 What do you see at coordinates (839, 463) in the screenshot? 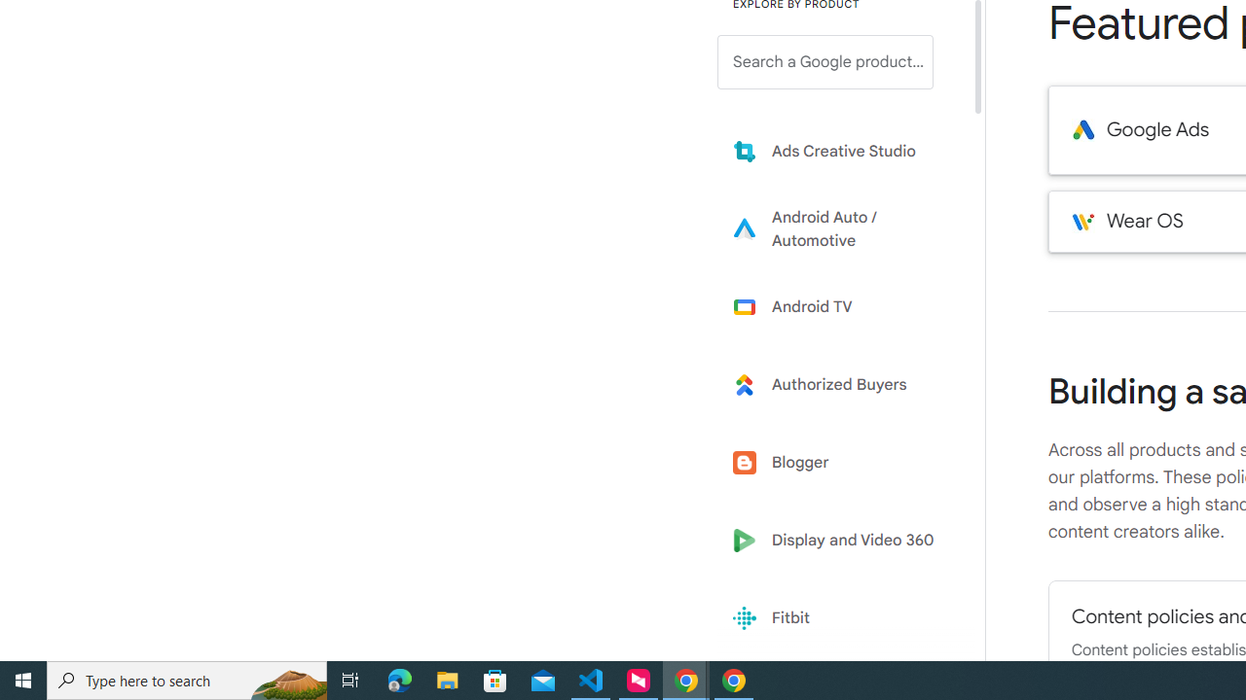
I see `'Blogger'` at bounding box center [839, 463].